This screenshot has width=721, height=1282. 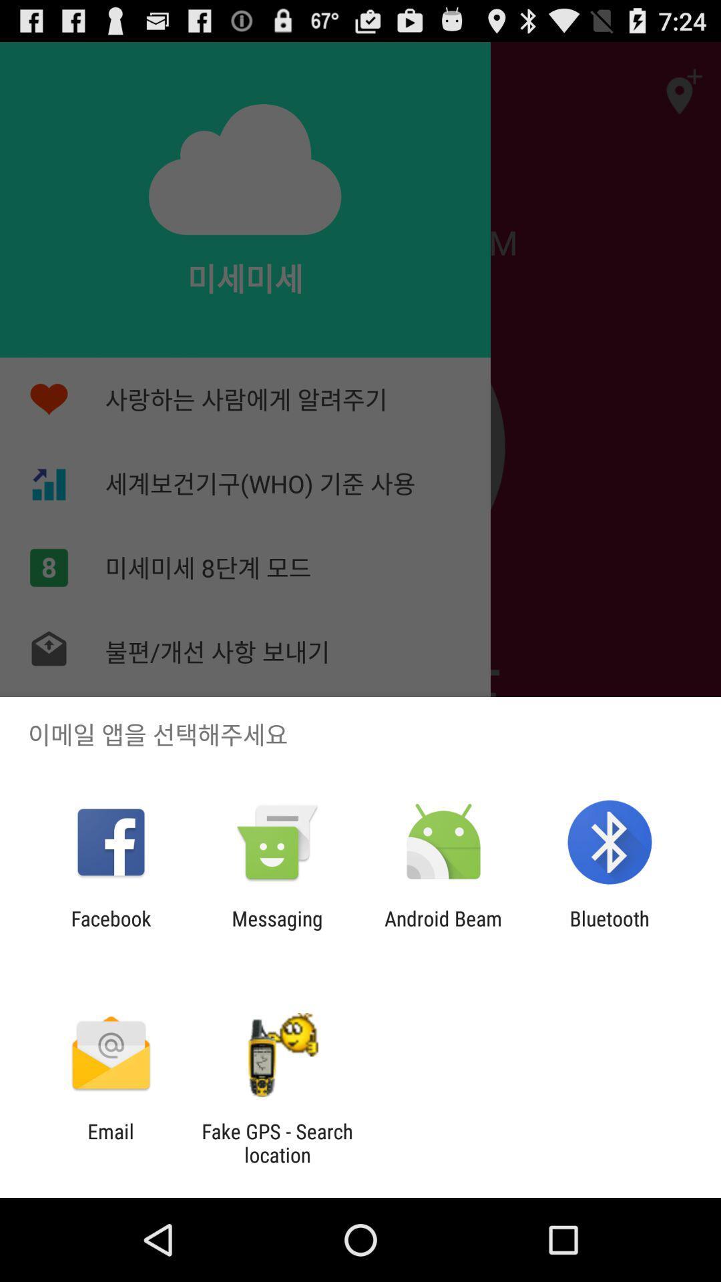 What do you see at coordinates (110, 929) in the screenshot?
I see `facebook icon` at bounding box center [110, 929].